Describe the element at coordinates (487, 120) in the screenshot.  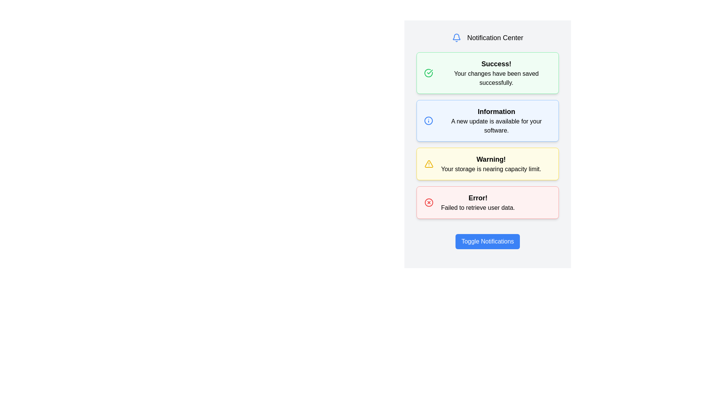
I see `information provided in the second Notification Card, which is positioned between the 'Success!' green notification card and the 'Warning!' yellow notification card` at that location.